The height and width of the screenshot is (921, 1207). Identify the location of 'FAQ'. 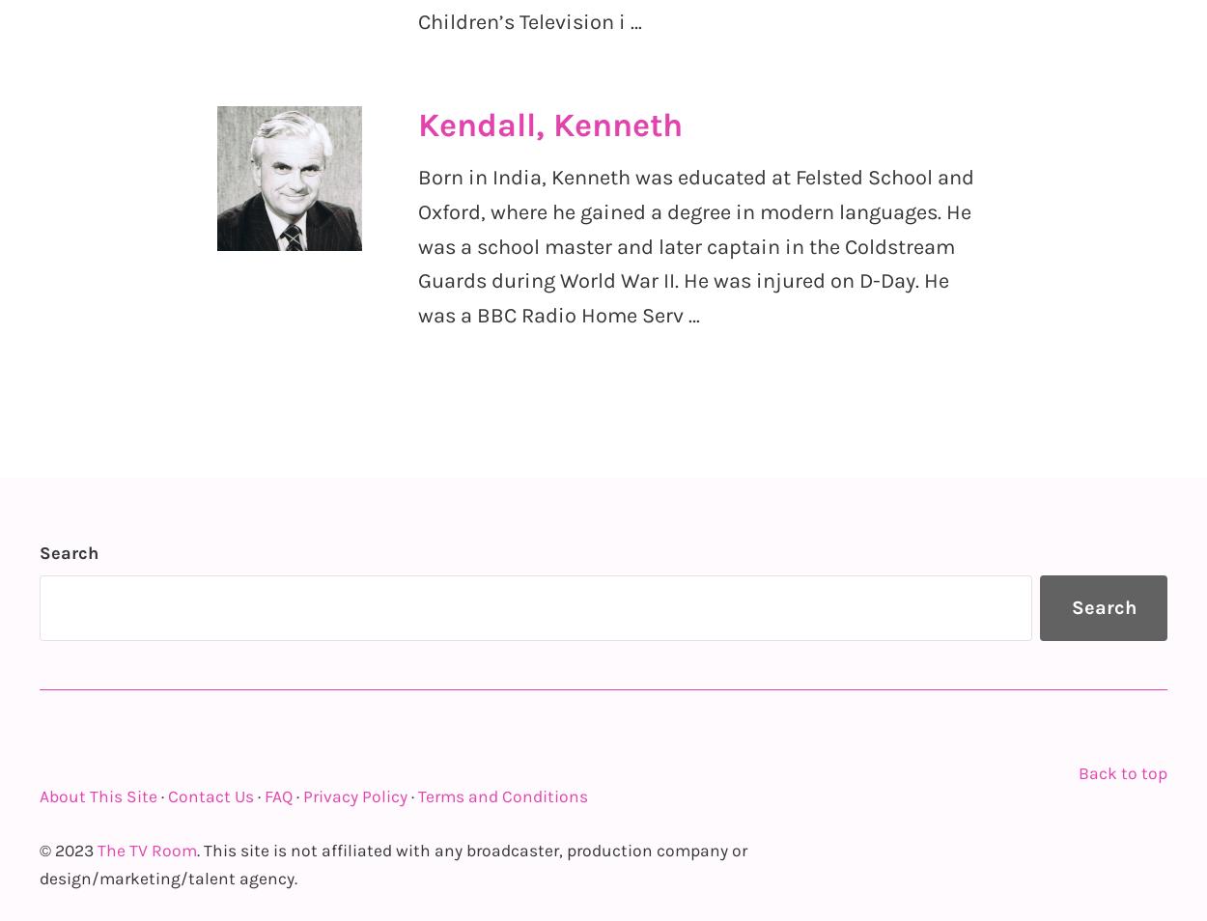
(278, 795).